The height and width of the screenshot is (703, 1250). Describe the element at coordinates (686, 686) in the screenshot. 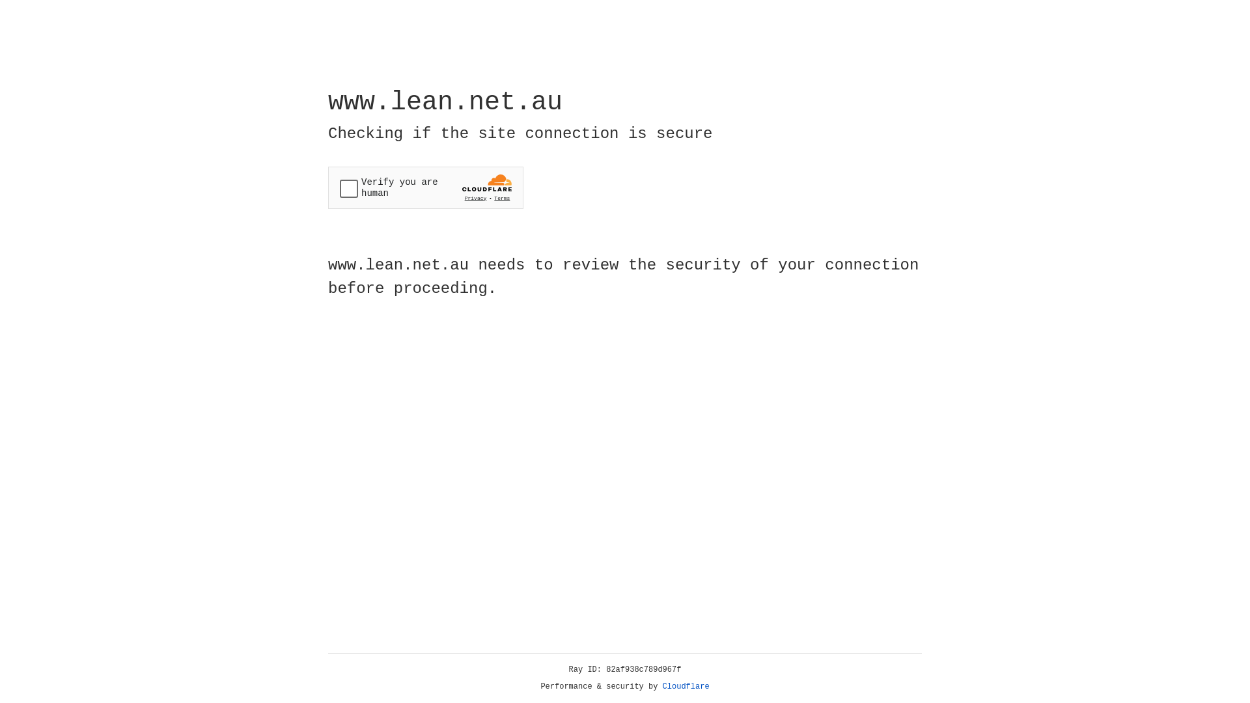

I see `'Cloudflare'` at that location.